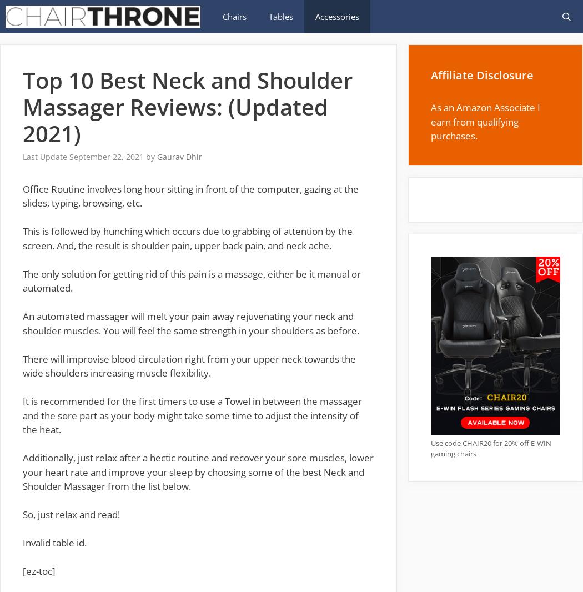 The height and width of the screenshot is (592, 583). What do you see at coordinates (151, 157) in the screenshot?
I see `'by'` at bounding box center [151, 157].